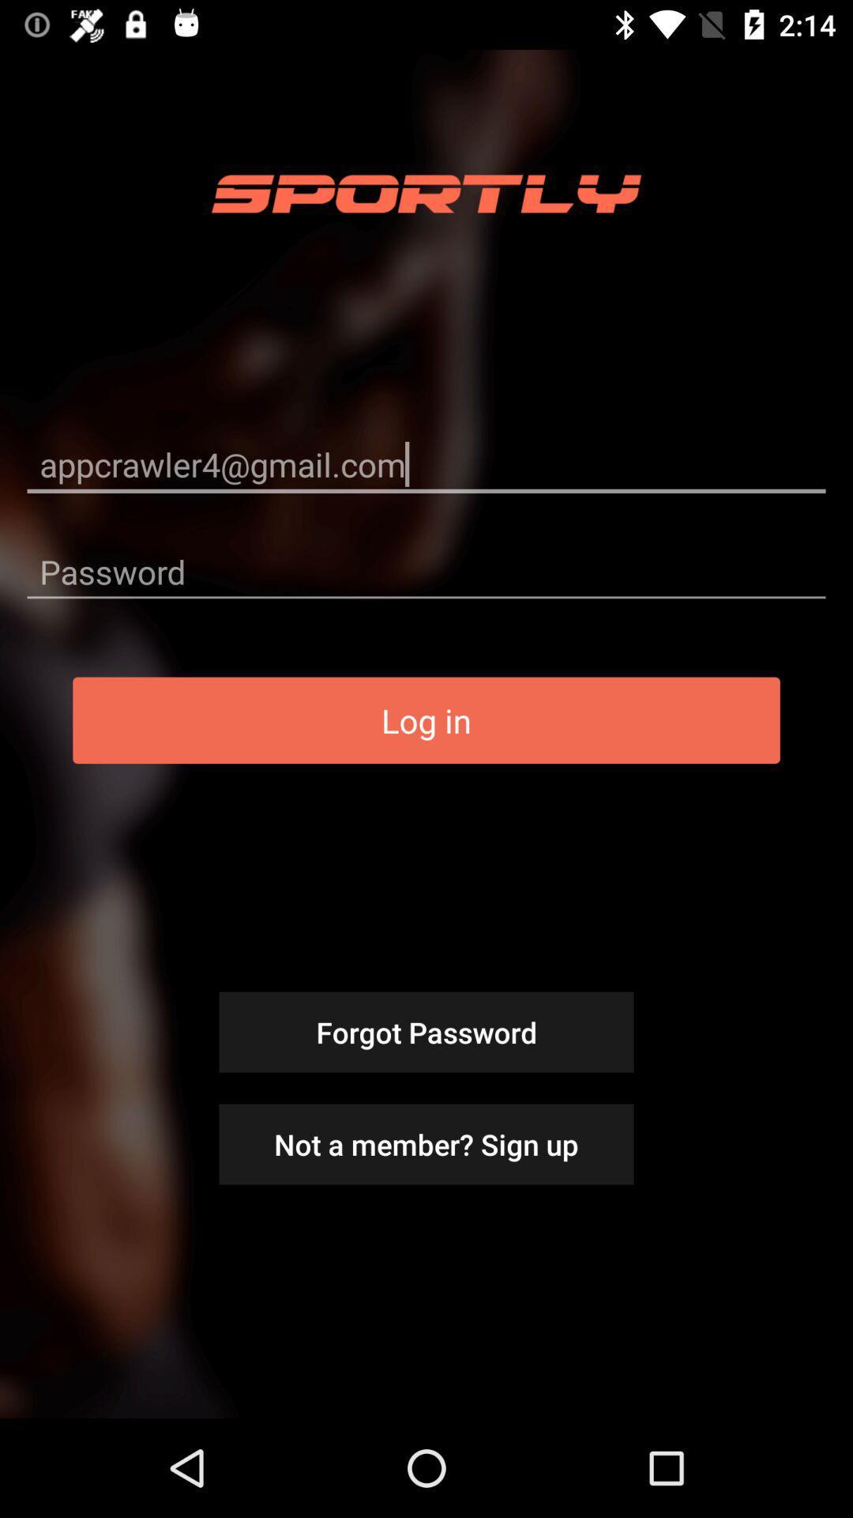  I want to click on log in icon, so click(426, 719).